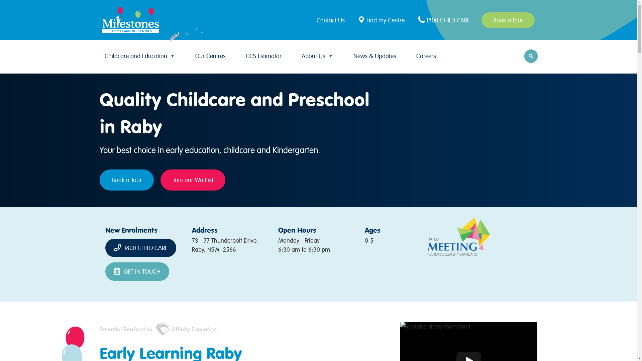 Image resolution: width=642 pixels, height=361 pixels. Describe the element at coordinates (137, 271) in the screenshot. I see `'GET IN TOUCH'` at that location.